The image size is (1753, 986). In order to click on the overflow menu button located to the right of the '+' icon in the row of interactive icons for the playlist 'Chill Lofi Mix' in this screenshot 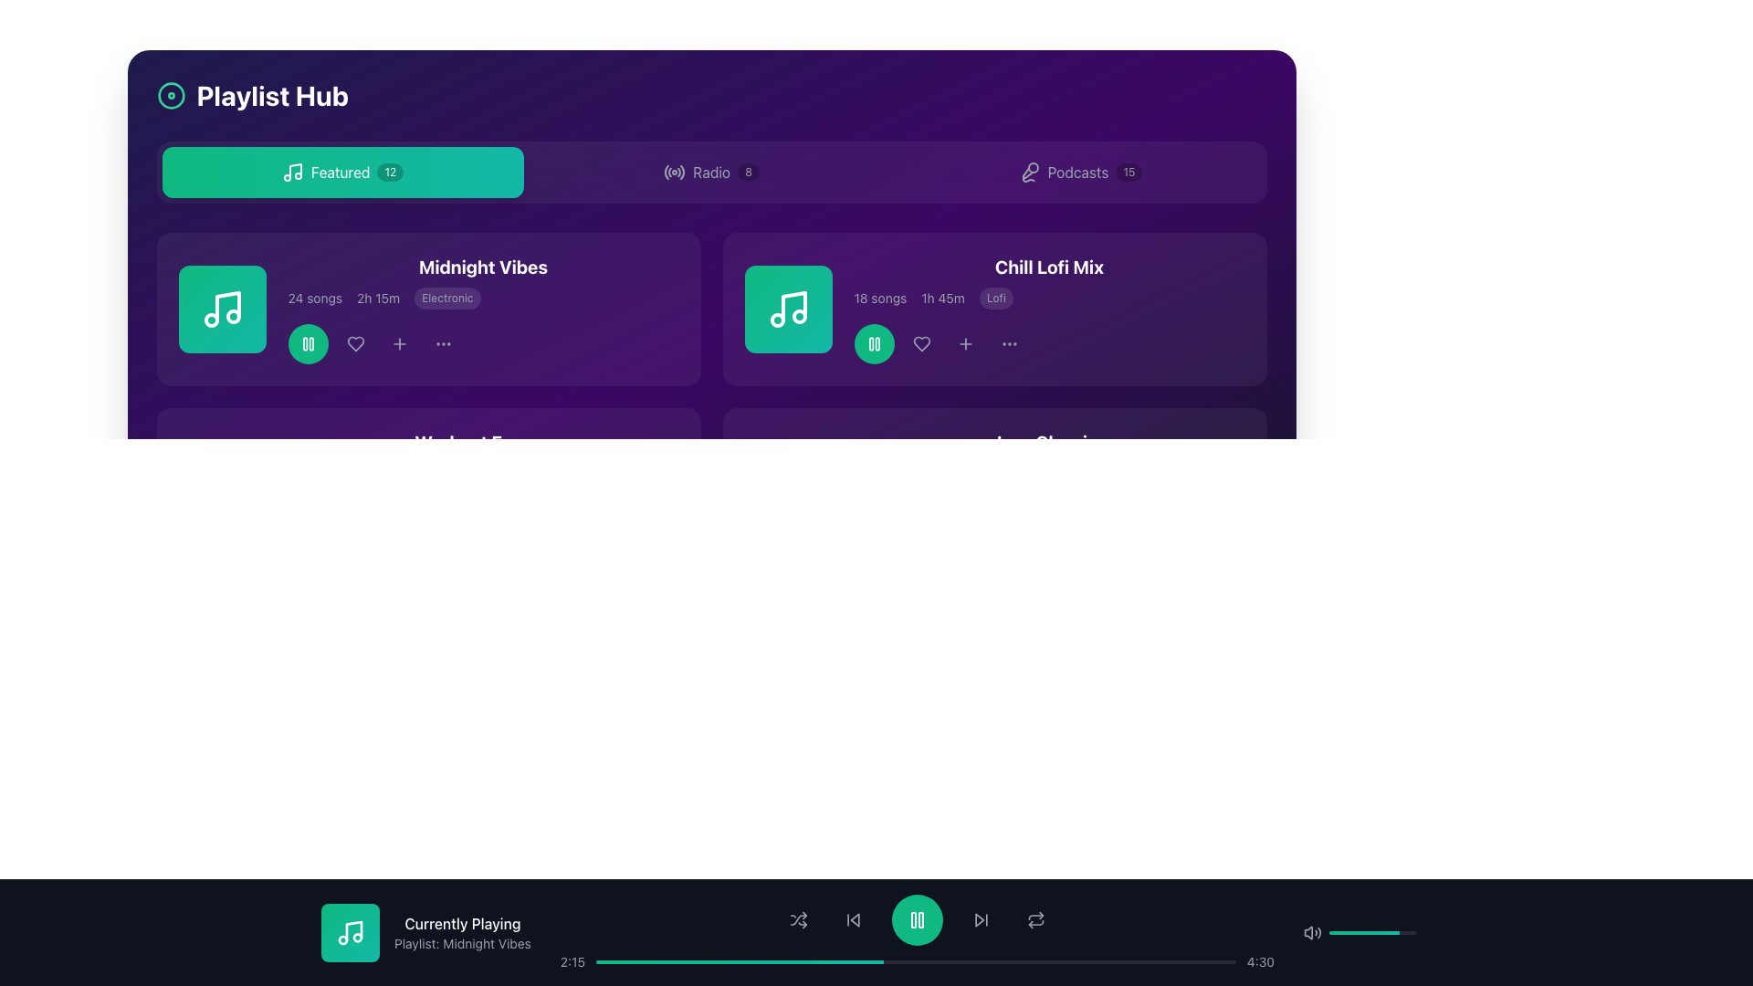, I will do `click(1008, 344)`.